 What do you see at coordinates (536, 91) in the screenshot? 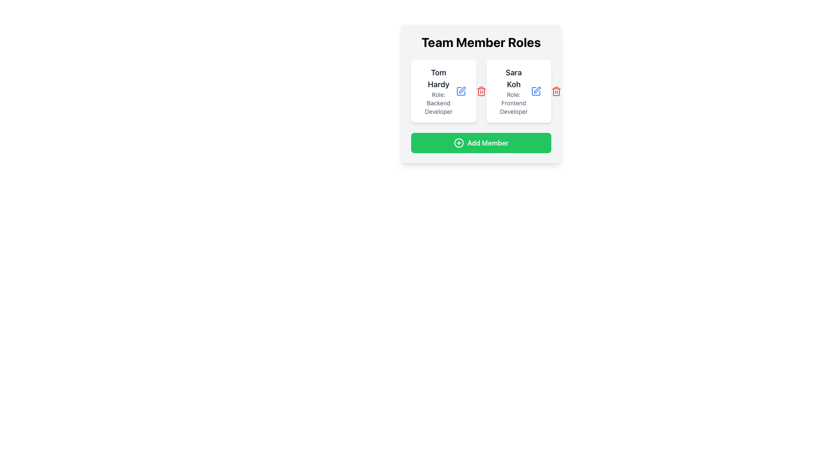
I see `the edit icon button located to the right of the text block containing 'Sara Koh' and her role 'Frontend Developer'` at bounding box center [536, 91].